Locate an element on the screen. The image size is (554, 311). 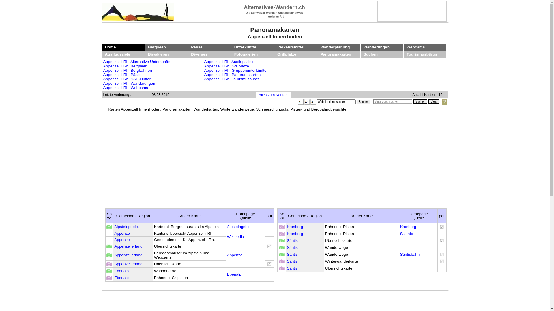
'Appenzell i.Rh. Panoramakarten' is located at coordinates (233, 74).